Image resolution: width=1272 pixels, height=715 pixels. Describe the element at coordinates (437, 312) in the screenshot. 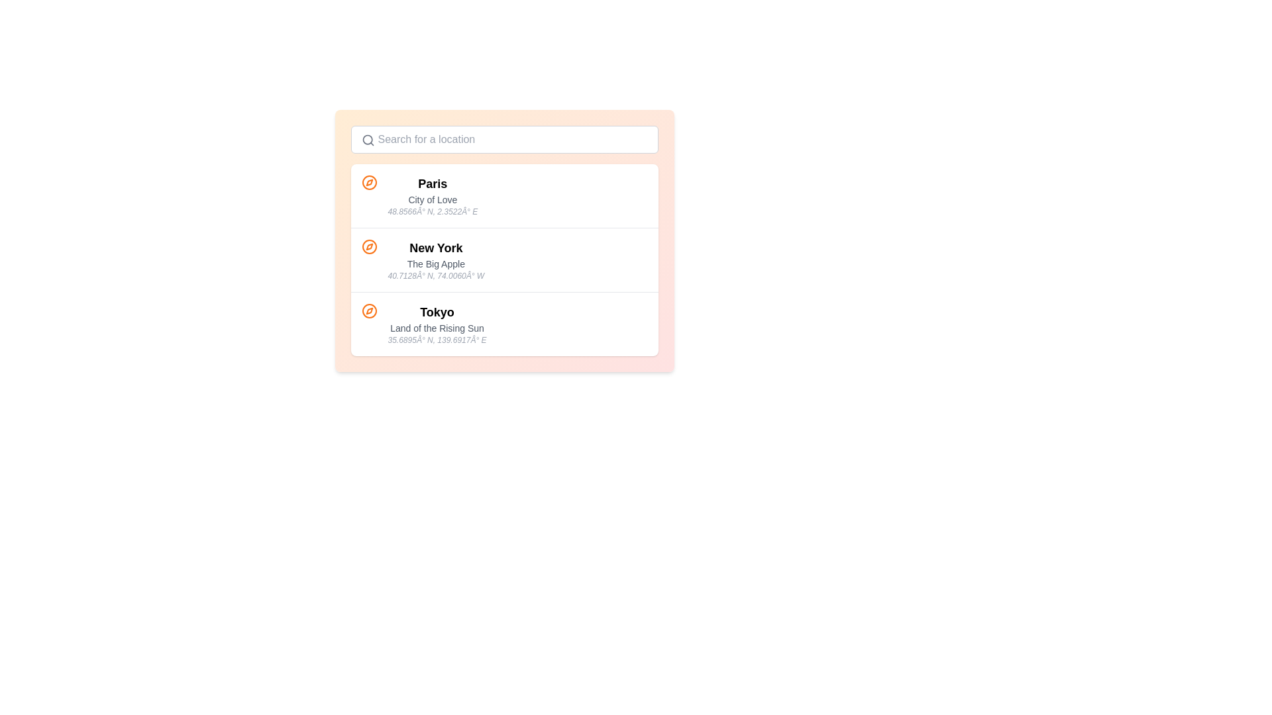

I see `the text label identifying 'Tokyo', which is the primary title of the third entry in a list of locations` at that location.